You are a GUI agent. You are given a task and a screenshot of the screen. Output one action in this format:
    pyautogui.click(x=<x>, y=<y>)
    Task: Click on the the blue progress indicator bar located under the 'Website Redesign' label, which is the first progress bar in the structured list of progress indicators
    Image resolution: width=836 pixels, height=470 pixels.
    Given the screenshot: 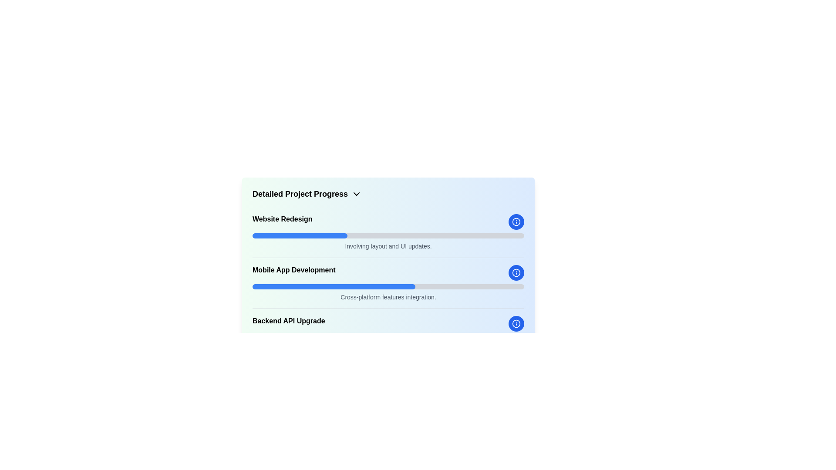 What is the action you would take?
    pyautogui.click(x=300, y=236)
    